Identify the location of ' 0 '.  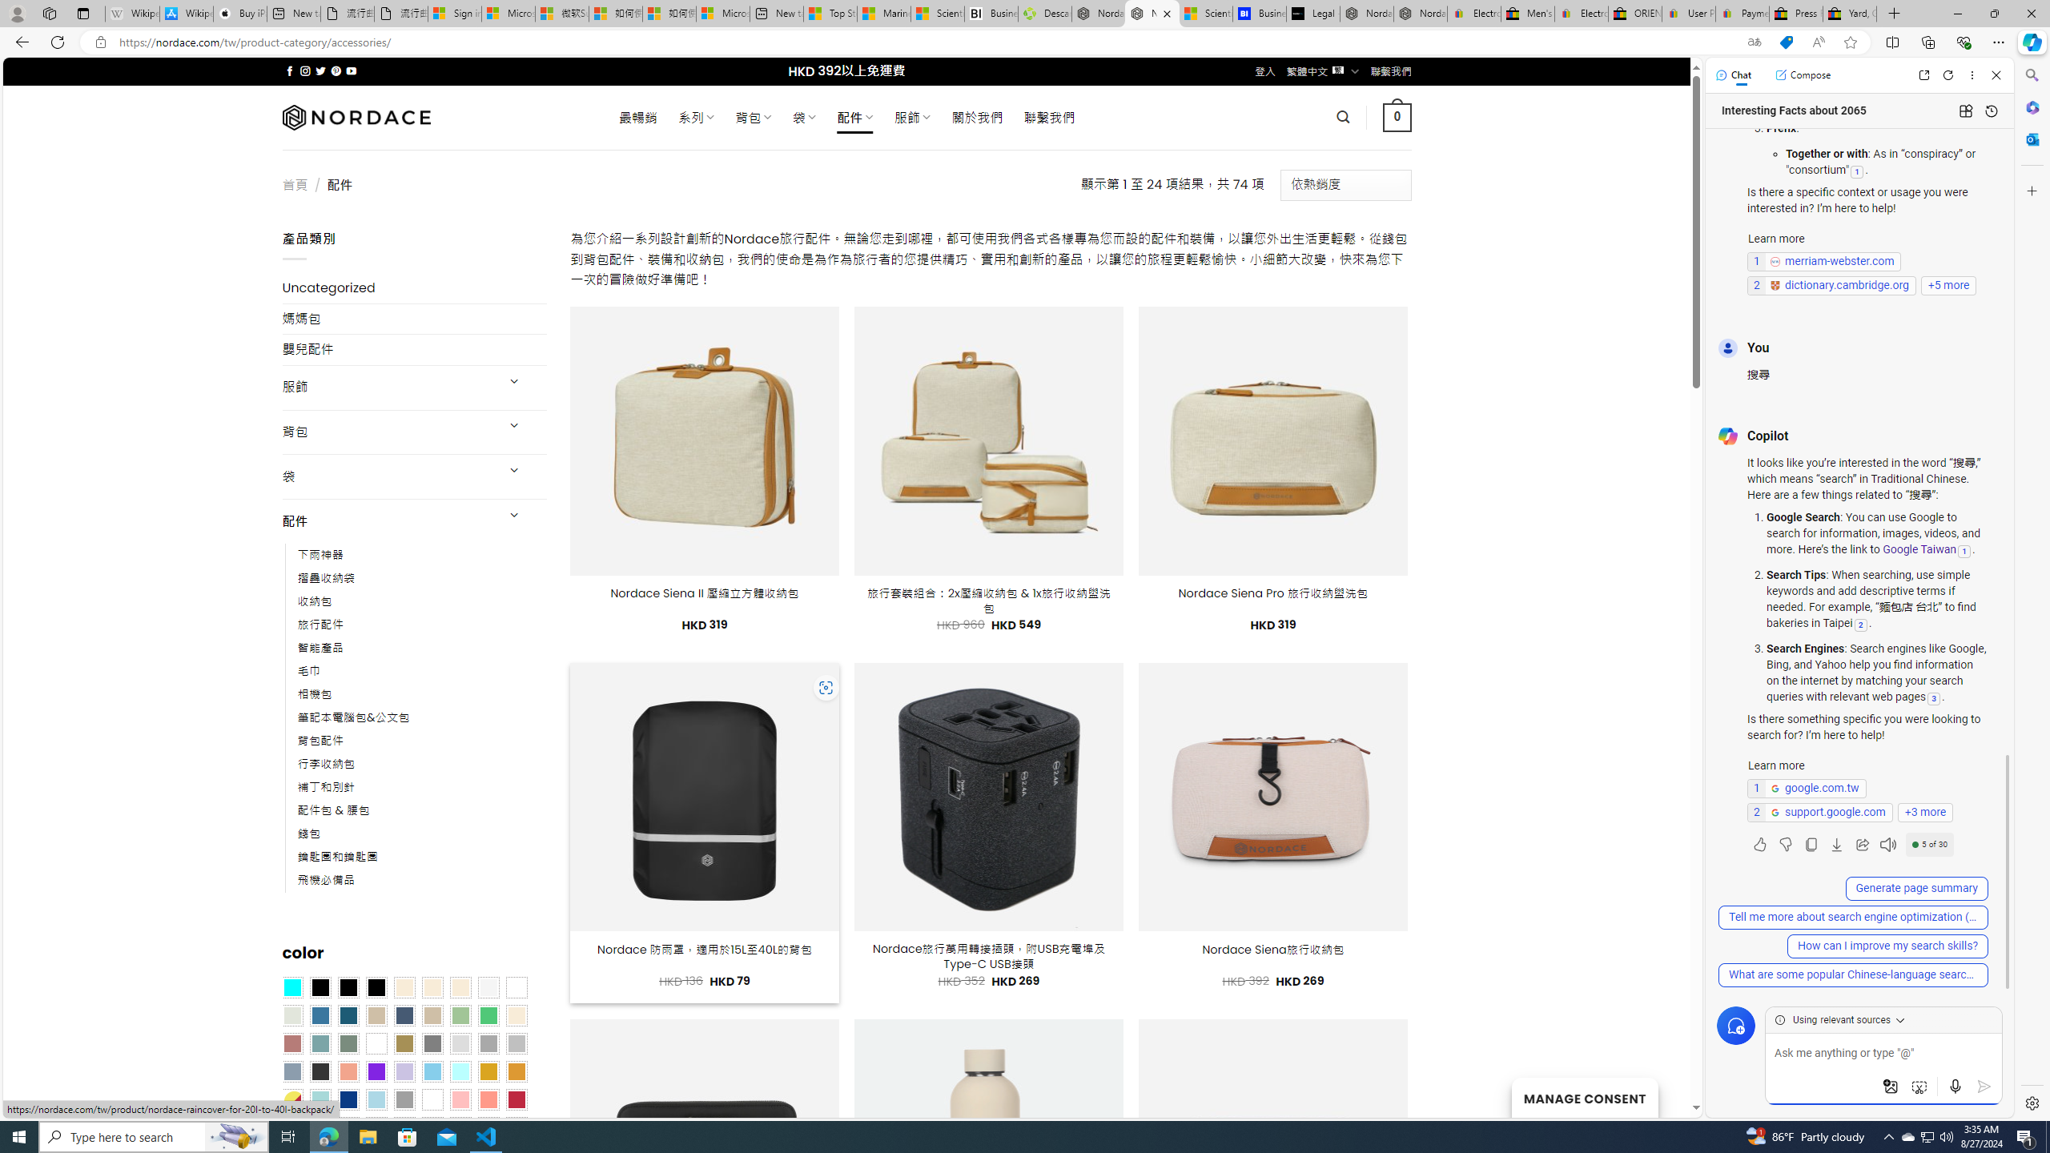
(1397, 116).